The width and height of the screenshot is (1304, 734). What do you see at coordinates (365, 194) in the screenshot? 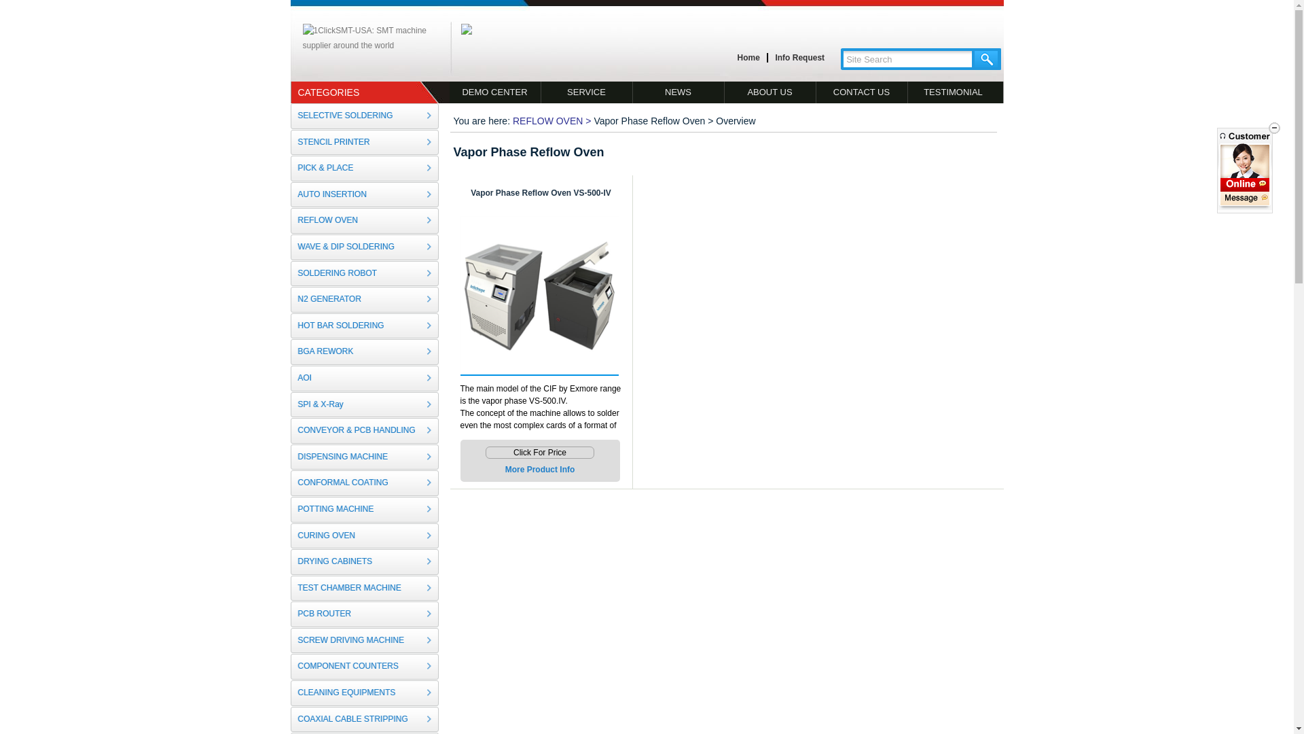
I see `'AUTO INSERTION'` at bounding box center [365, 194].